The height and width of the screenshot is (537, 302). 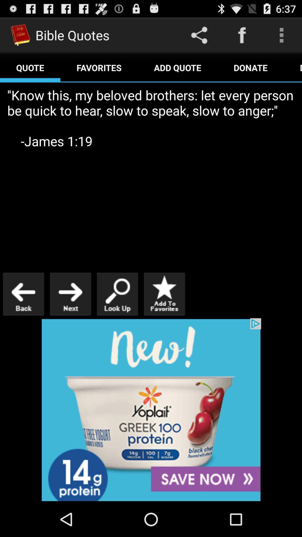 I want to click on the arrow_backward icon, so click(x=23, y=314).